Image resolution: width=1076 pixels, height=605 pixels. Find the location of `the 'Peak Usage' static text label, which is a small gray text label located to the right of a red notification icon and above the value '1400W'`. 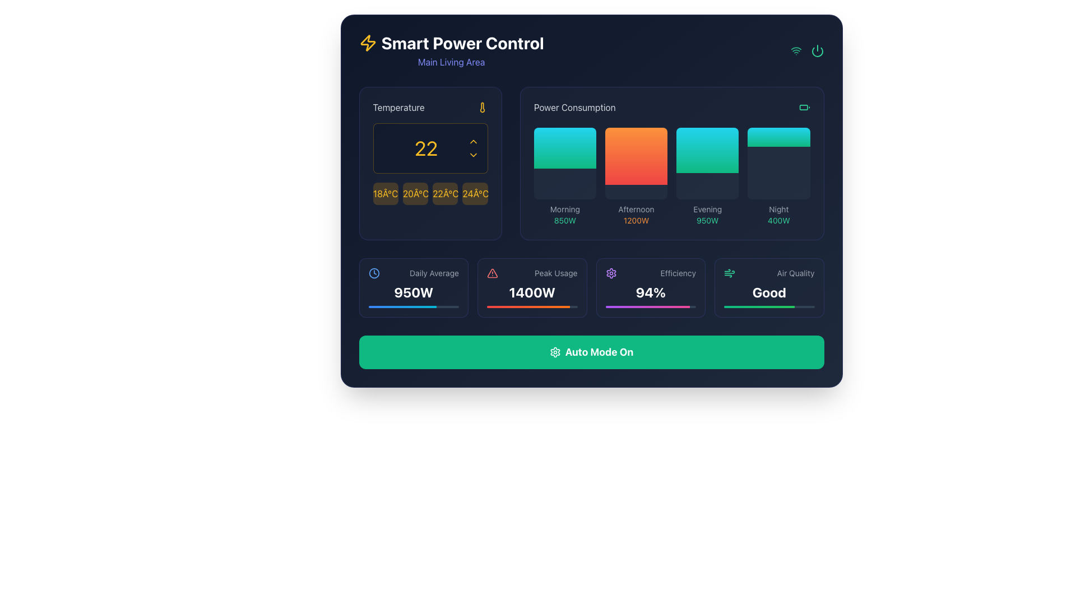

the 'Peak Usage' static text label, which is a small gray text label located to the right of a red notification icon and above the value '1400W' is located at coordinates (556, 273).